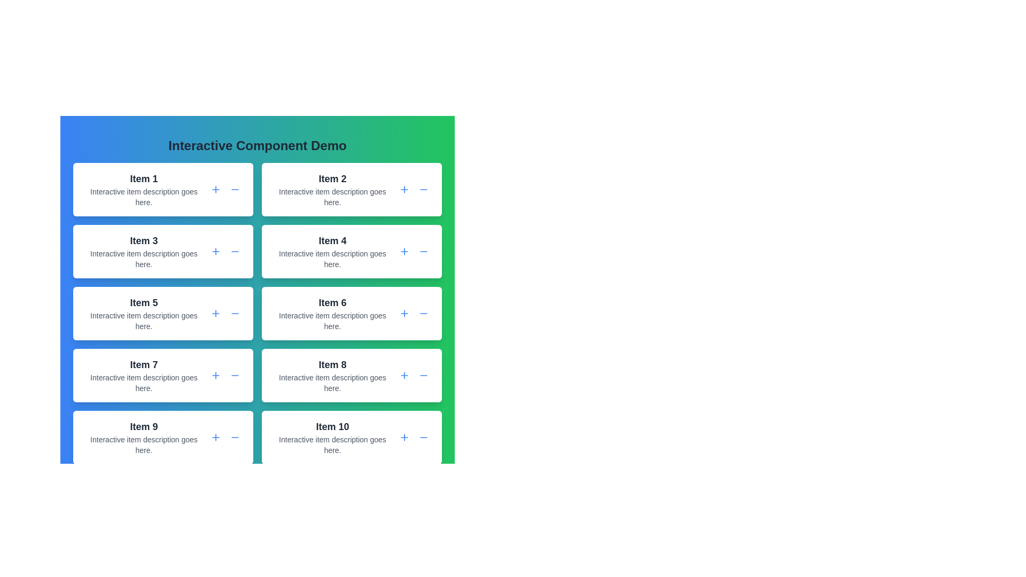 Image resolution: width=1026 pixels, height=577 pixels. Describe the element at coordinates (162, 437) in the screenshot. I see `the '−' button on the ninth item card located in the bottom-left corner of the grid layout` at that location.